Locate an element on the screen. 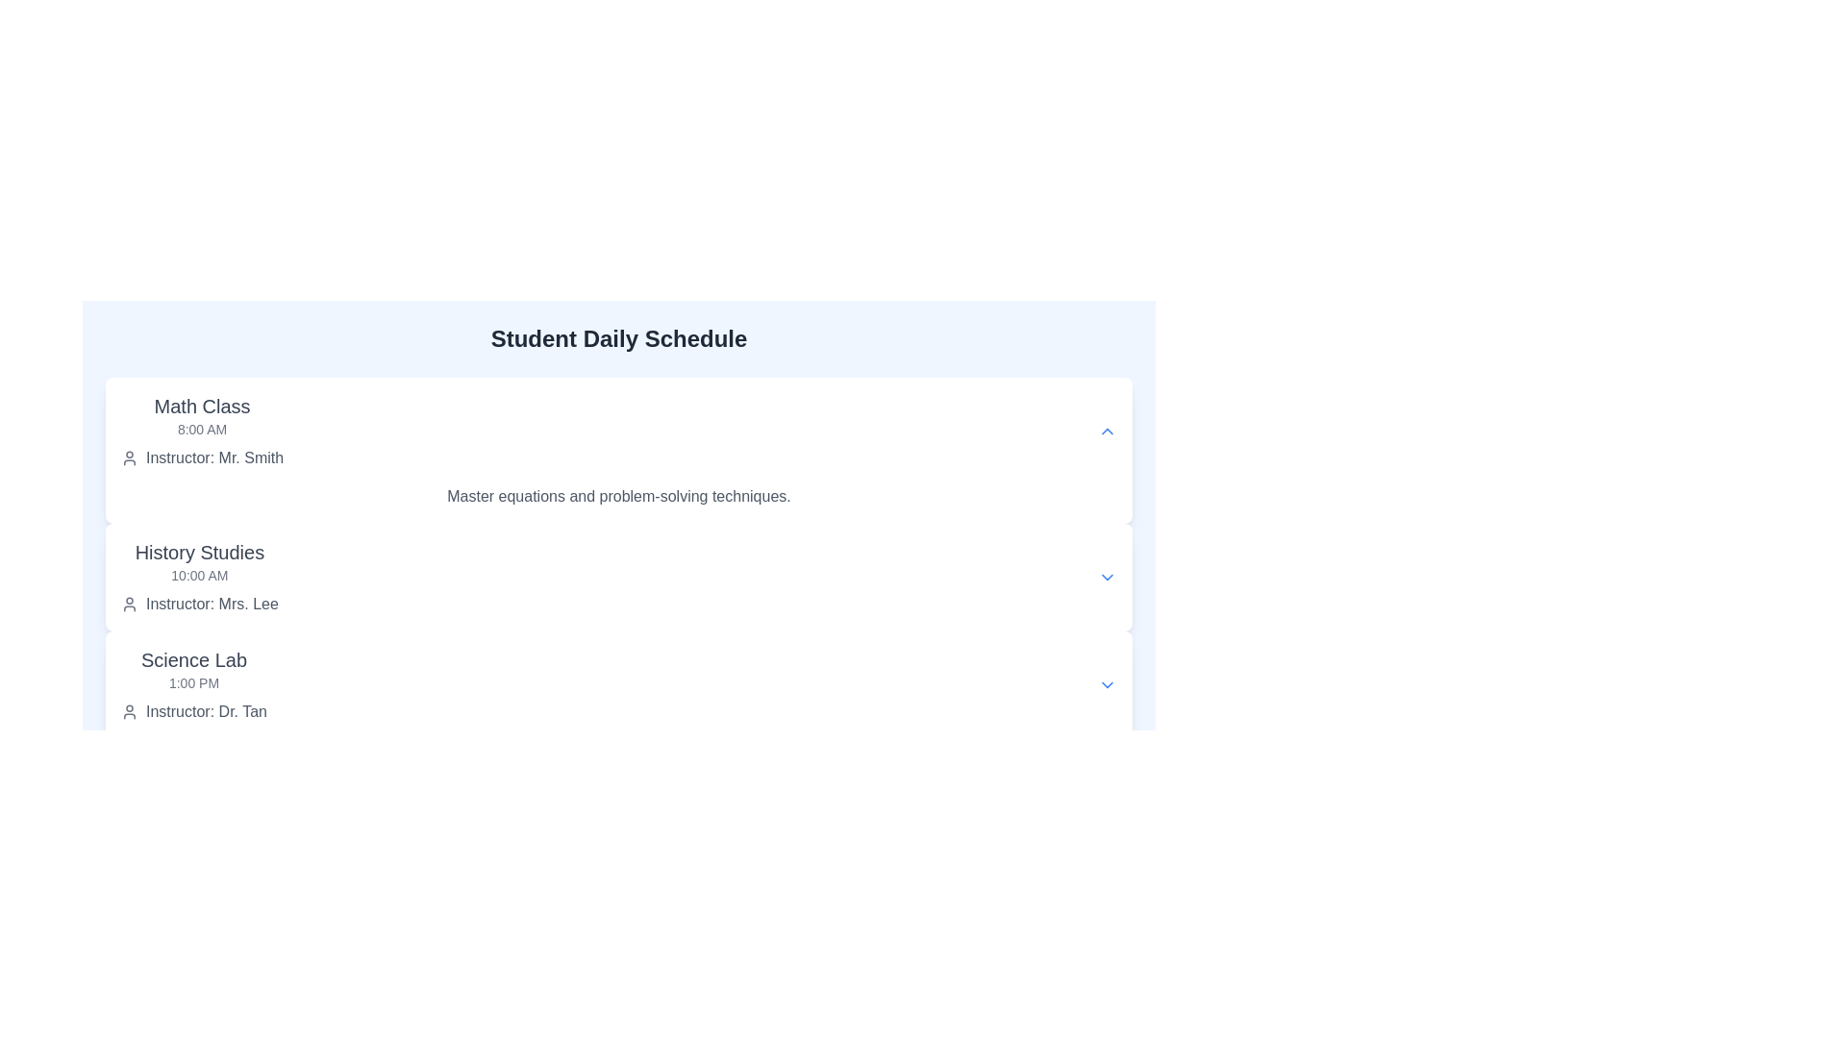 The image size is (1846, 1038). the small blue upward arrow icon button located in the 'Math Class' section is located at coordinates (1108, 430).